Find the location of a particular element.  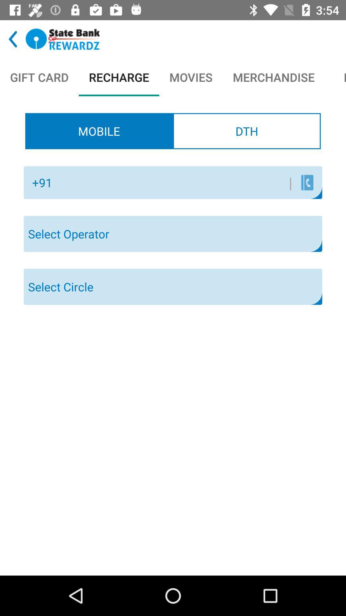

this is used to call is located at coordinates (307, 182).